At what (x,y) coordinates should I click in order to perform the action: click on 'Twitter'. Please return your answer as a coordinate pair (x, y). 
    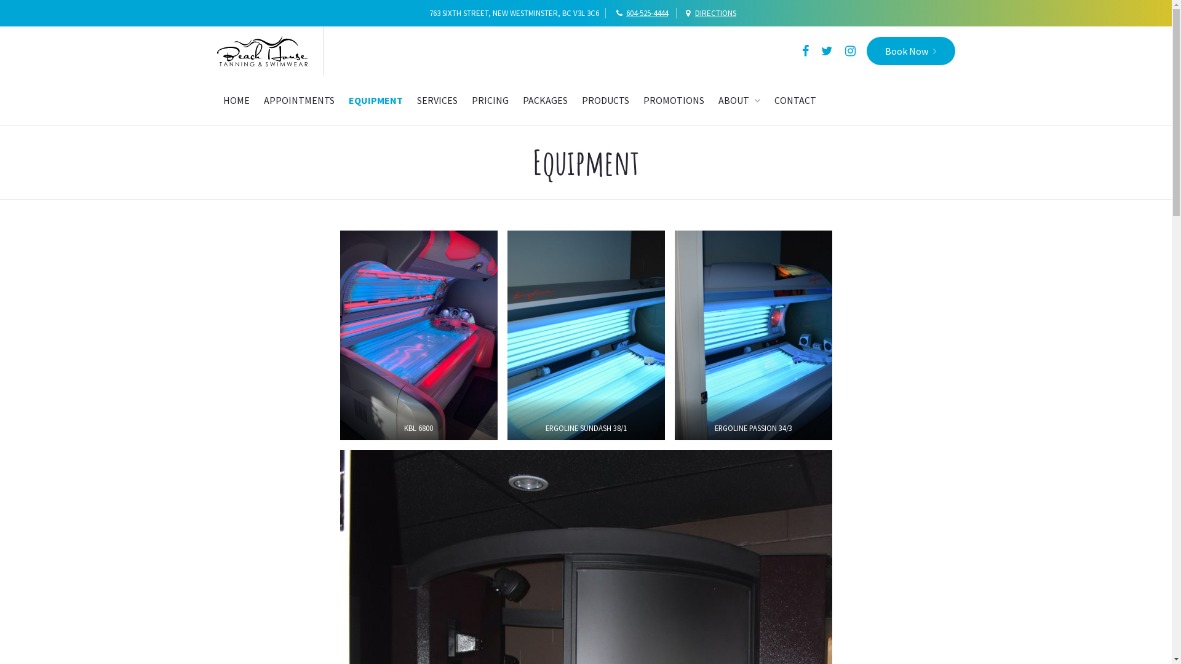
    Looking at the image, I should click on (821, 50).